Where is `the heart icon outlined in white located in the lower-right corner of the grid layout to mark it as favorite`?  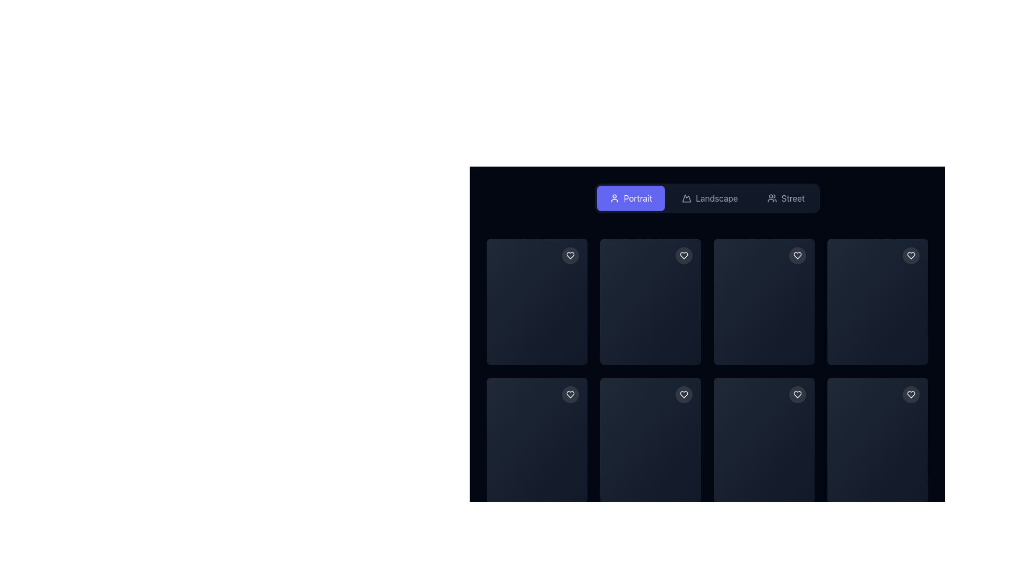
the heart icon outlined in white located in the lower-right corner of the grid layout to mark it as favorite is located at coordinates (911, 394).